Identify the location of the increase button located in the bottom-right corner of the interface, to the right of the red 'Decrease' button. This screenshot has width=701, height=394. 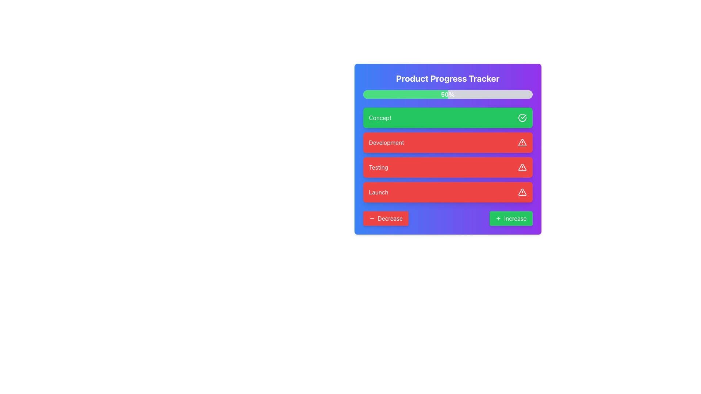
(510, 218).